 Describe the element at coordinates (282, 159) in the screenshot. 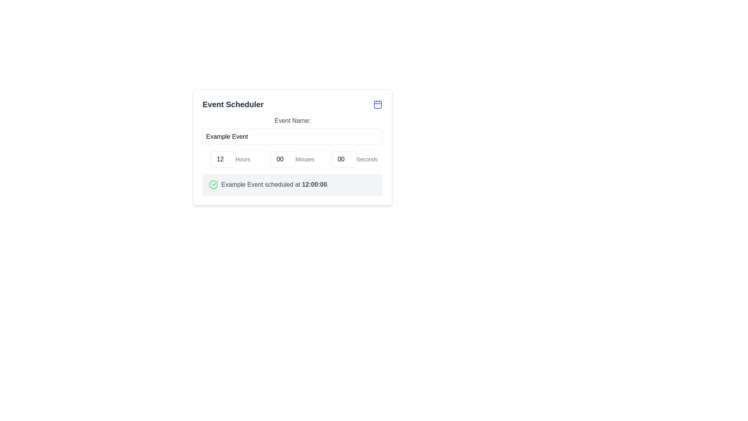

I see `the 'Minutes' number input field in the time-setting interface` at that location.